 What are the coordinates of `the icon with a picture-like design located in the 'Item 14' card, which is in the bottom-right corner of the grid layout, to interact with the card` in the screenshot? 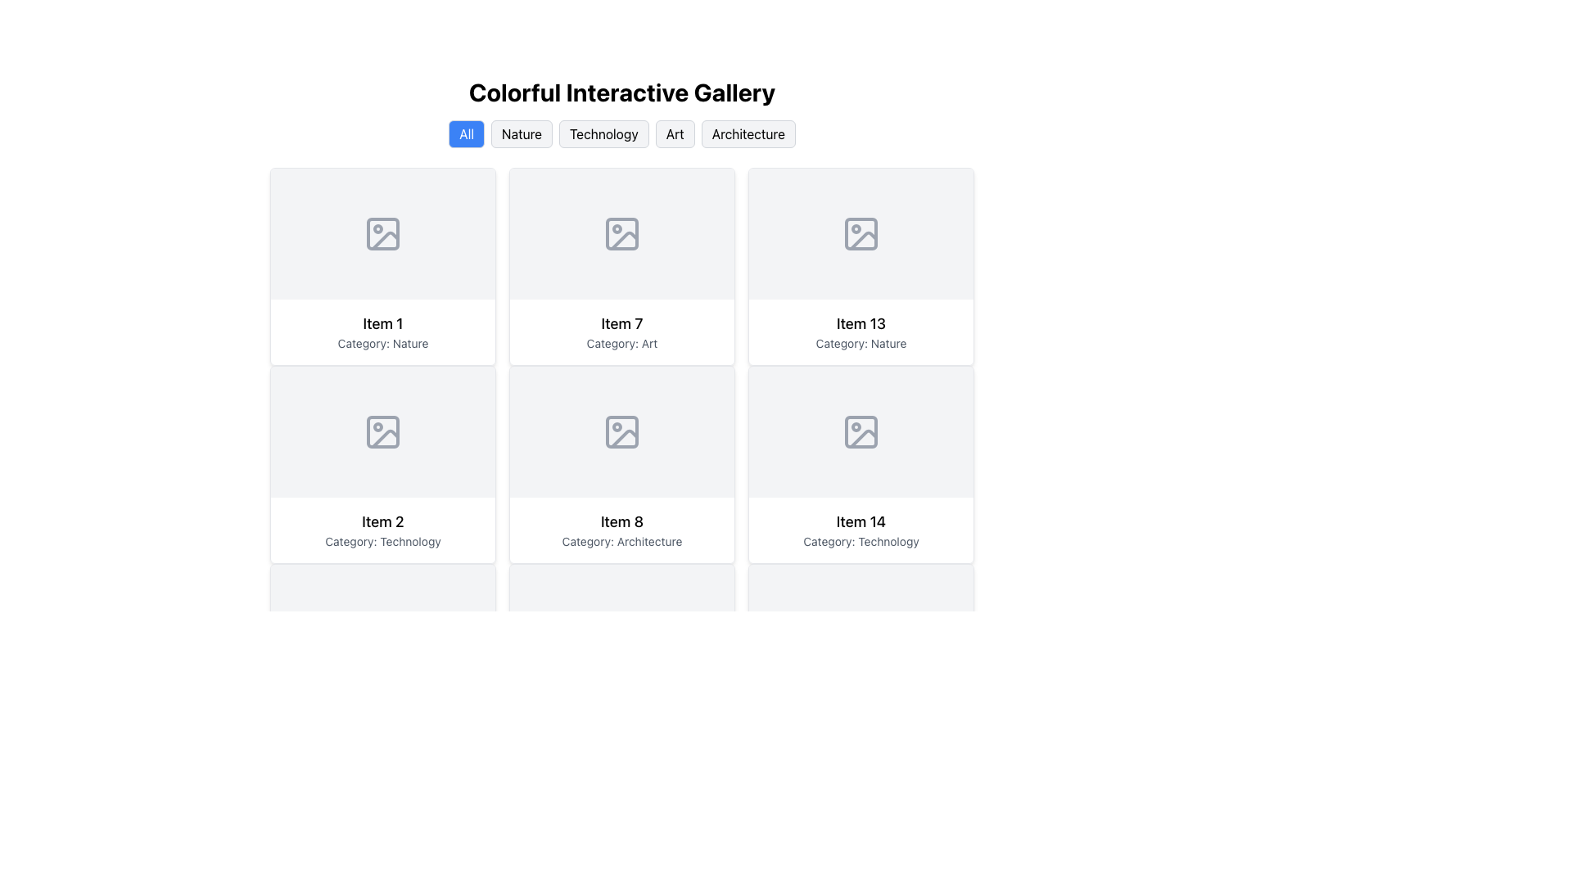 It's located at (860, 431).